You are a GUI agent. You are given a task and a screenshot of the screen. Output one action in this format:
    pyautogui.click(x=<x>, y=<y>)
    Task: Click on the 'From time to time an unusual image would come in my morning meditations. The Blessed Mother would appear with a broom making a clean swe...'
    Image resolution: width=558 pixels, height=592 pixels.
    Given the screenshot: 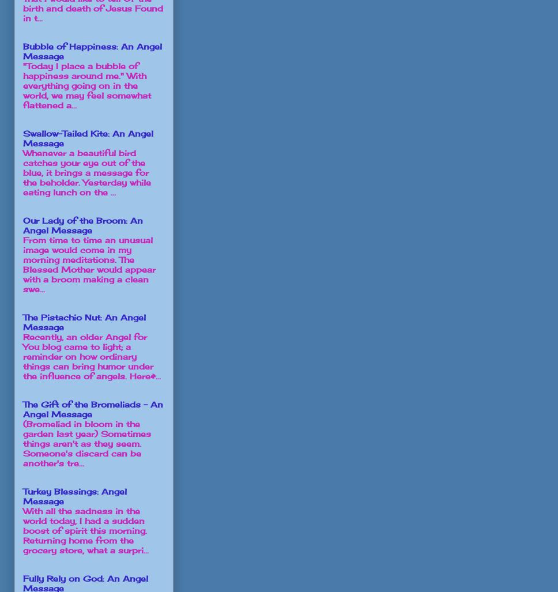 What is the action you would take?
    pyautogui.click(x=88, y=264)
    